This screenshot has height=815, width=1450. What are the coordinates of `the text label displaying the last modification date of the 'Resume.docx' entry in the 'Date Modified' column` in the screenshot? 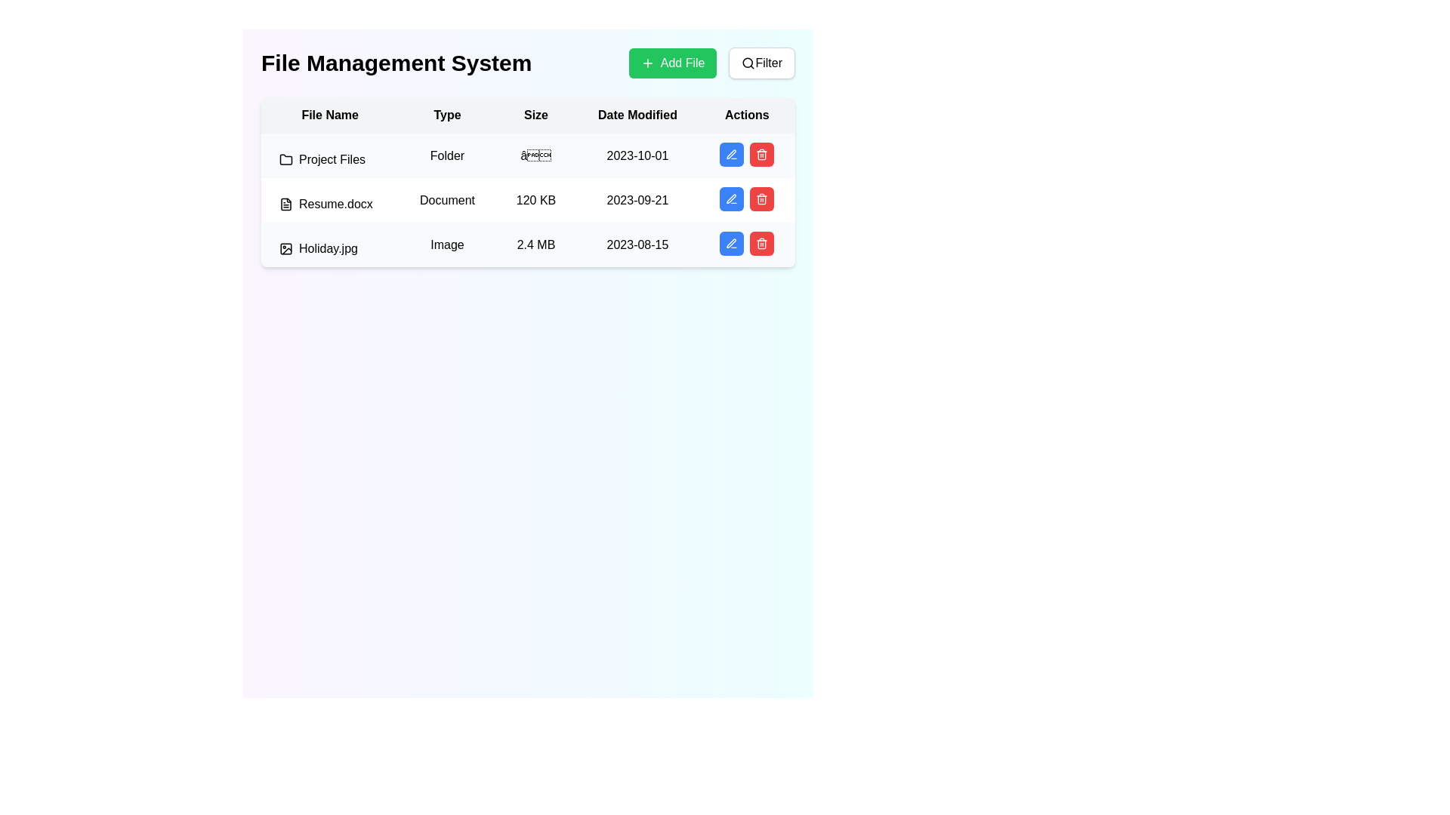 It's located at (637, 199).